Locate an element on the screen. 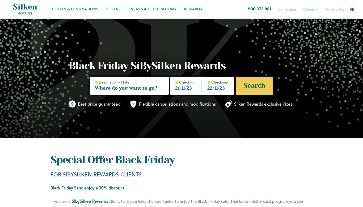  'Check-in' is located at coordinates (186, 82).